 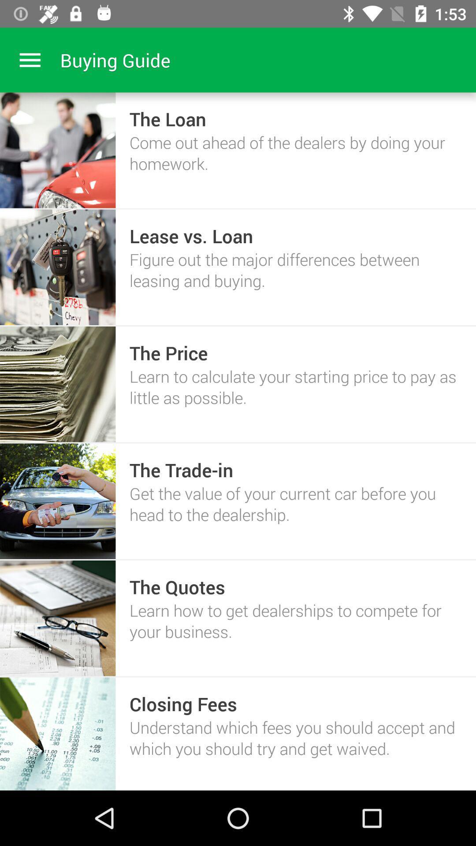 I want to click on the loan icon, so click(x=168, y=118).